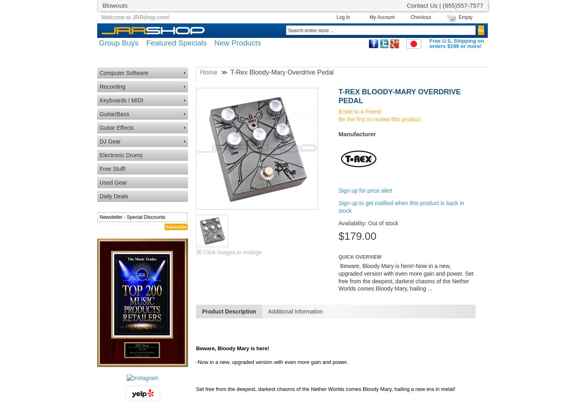 Image resolution: width=585 pixels, height=403 pixels. Describe the element at coordinates (99, 86) in the screenshot. I see `'Recording'` at that location.